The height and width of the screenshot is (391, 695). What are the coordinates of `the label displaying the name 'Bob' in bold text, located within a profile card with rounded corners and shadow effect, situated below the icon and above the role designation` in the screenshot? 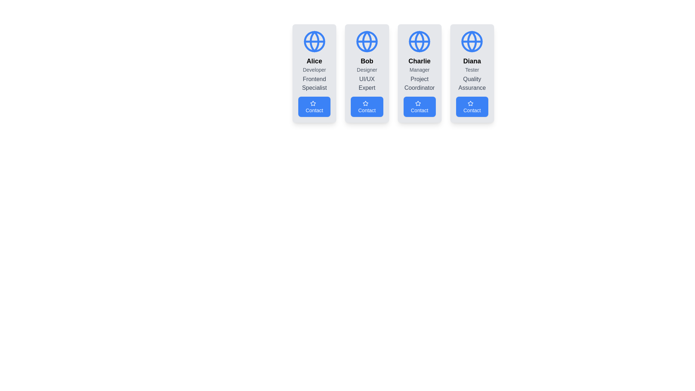 It's located at (367, 61).